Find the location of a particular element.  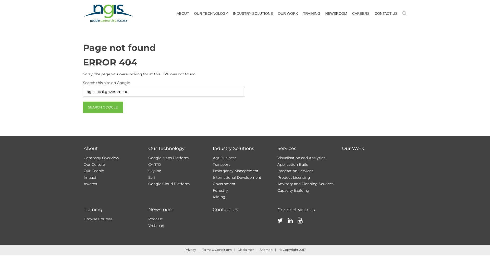

'Browse Courses' is located at coordinates (98, 219).